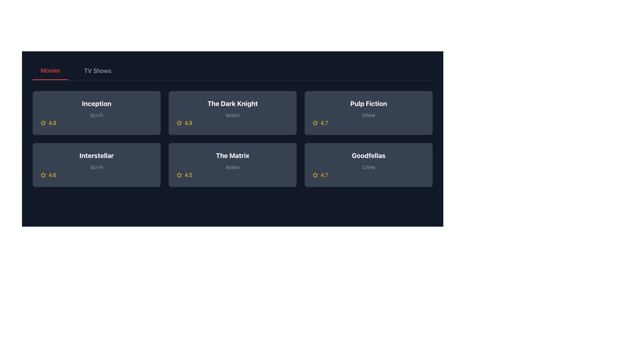 Image resolution: width=640 pixels, height=360 pixels. What do you see at coordinates (368, 109) in the screenshot?
I see `the text label that displays 'Pulp Fiction' and 'Crime' on a dark gray background in the first row, third column of the grid layout` at bounding box center [368, 109].